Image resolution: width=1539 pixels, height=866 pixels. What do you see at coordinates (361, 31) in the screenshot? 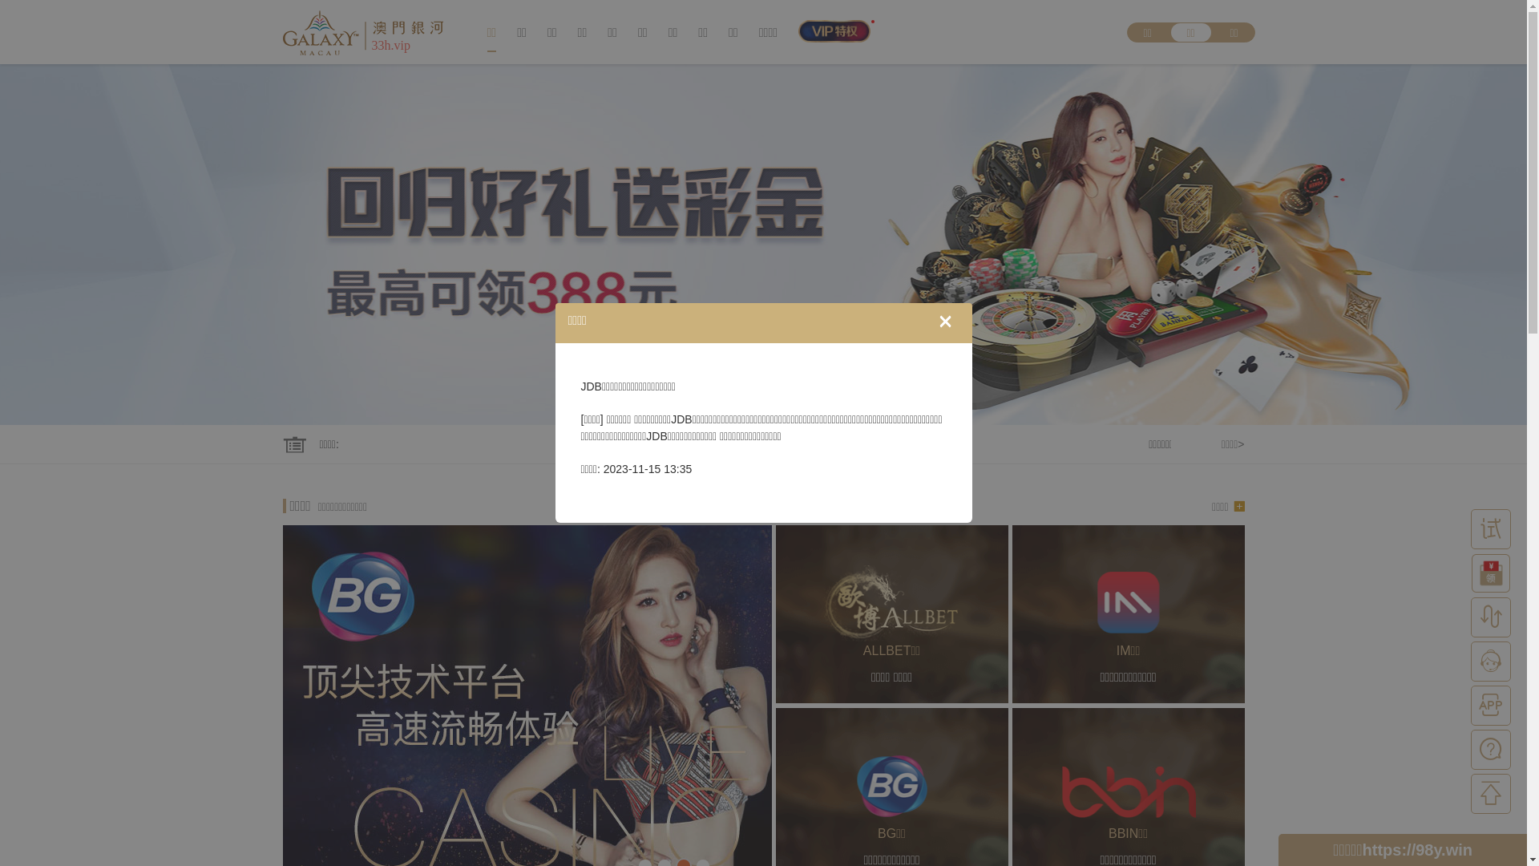
I see `'33h.vip'` at bounding box center [361, 31].